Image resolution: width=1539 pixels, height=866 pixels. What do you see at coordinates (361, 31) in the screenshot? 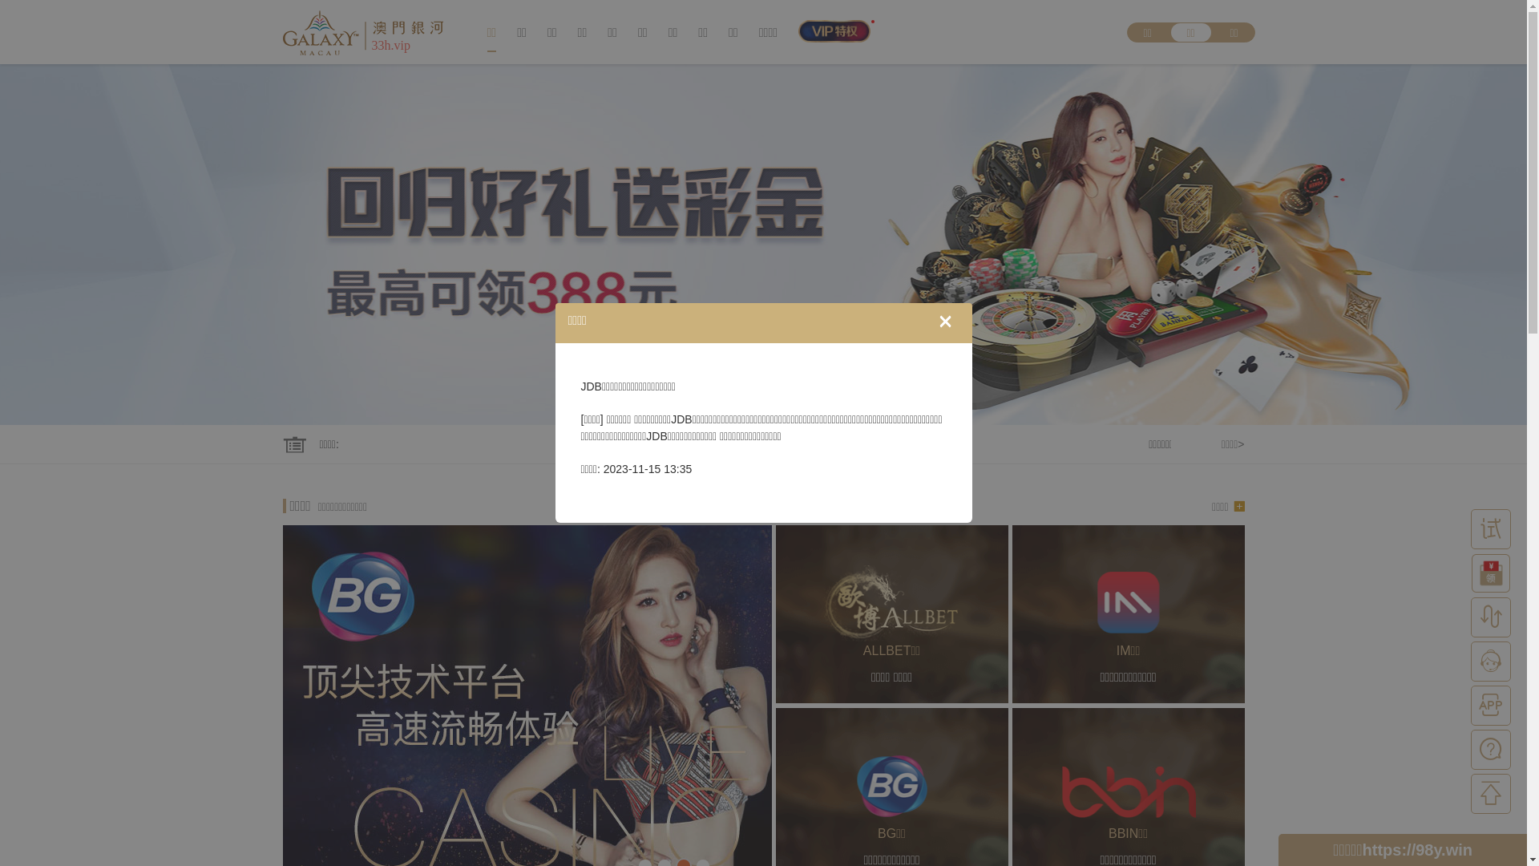
I see `'33h.vip'` at bounding box center [361, 31].